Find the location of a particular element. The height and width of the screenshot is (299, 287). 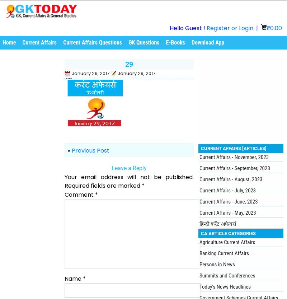

'Current Affairs Questions' is located at coordinates (92, 42).